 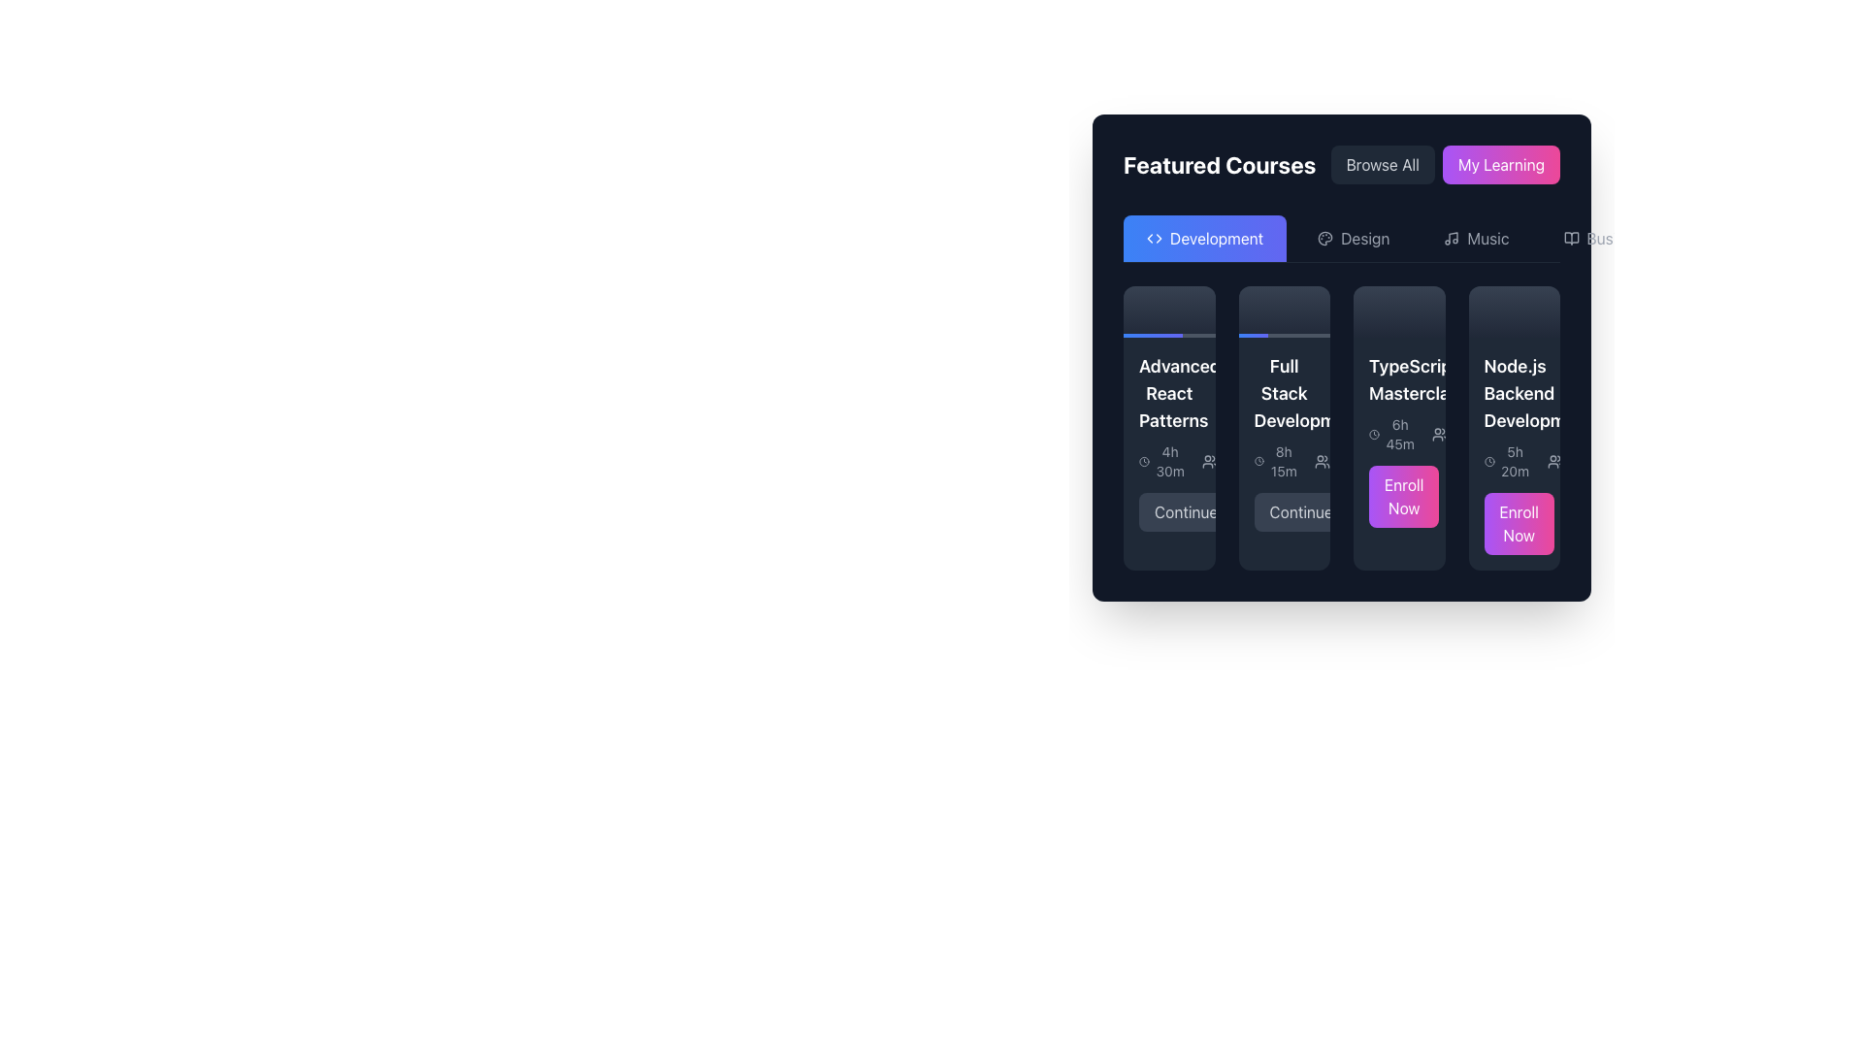 What do you see at coordinates (1284, 311) in the screenshot?
I see `the interactive multimedia placeholder or video thumbnail located at the top of the 'Full Stack Development' card in the 'Featured Courses' section` at bounding box center [1284, 311].